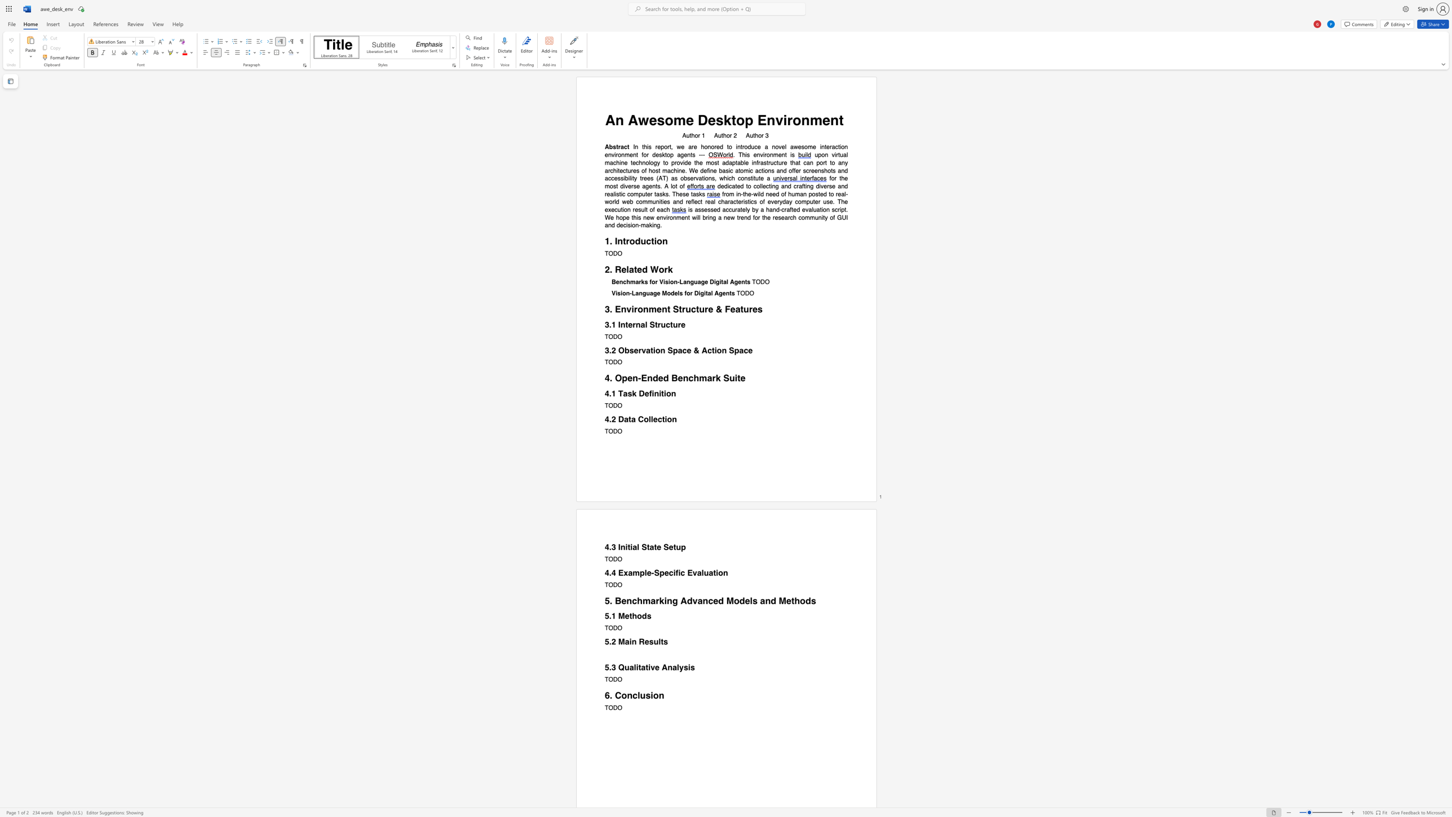 The height and width of the screenshot is (817, 1452). I want to click on the subset text "achine. We define basic atomic actions and offer screenshots and access" within the text "upon virtual machine technology to provide the most adaptable infrastructure that can port to any architectures of host machine. We define basic atomic actions and offer screenshots and accessibility trees (AT) as observations, which", so click(667, 171).